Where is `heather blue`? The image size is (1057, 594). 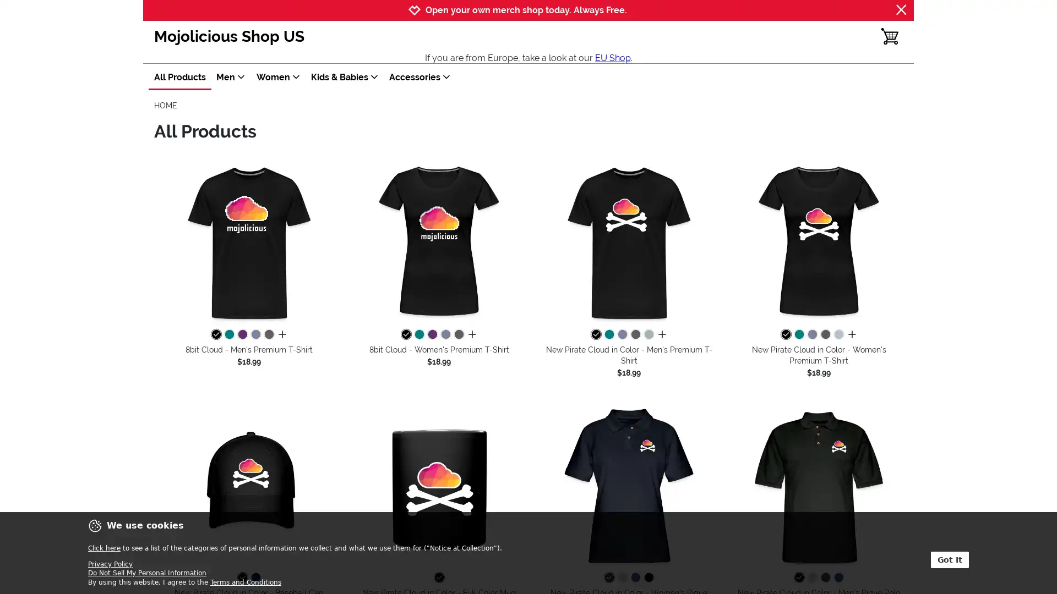 heather blue is located at coordinates (255, 334).